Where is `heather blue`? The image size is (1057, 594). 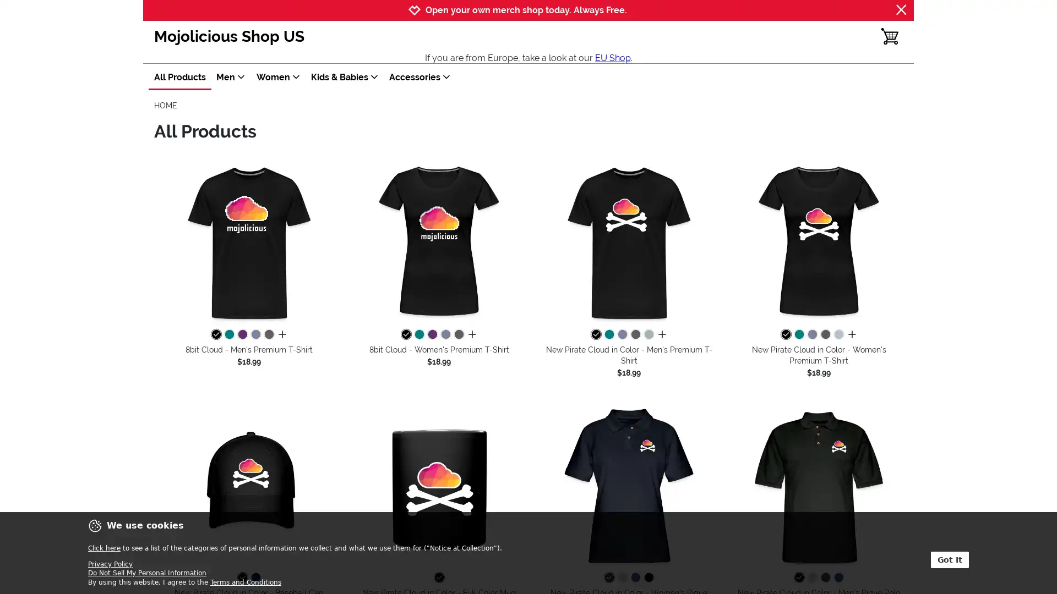 heather blue is located at coordinates (255, 334).